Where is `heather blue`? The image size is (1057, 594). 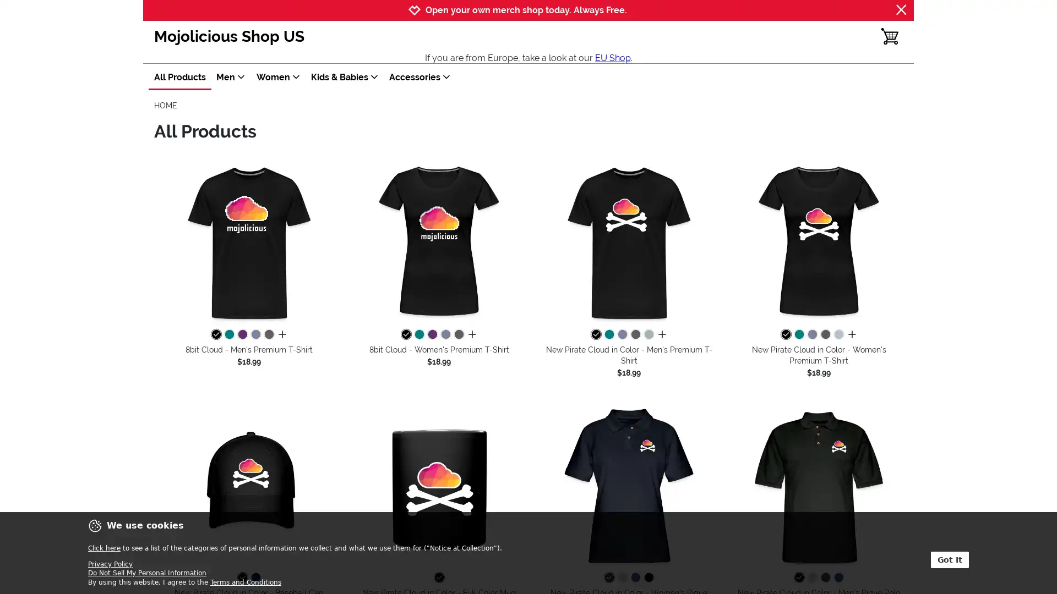 heather blue is located at coordinates (255, 334).